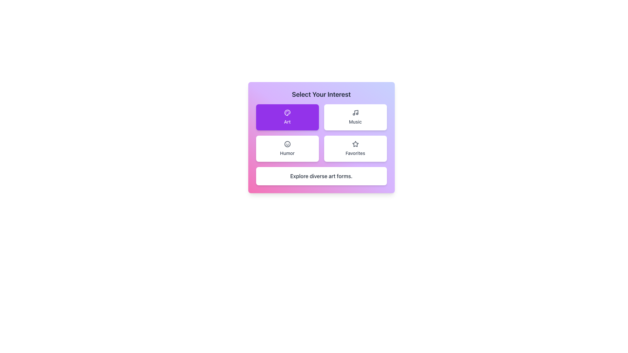  I want to click on the star icon located in the 'Favorites' section, so click(355, 143).